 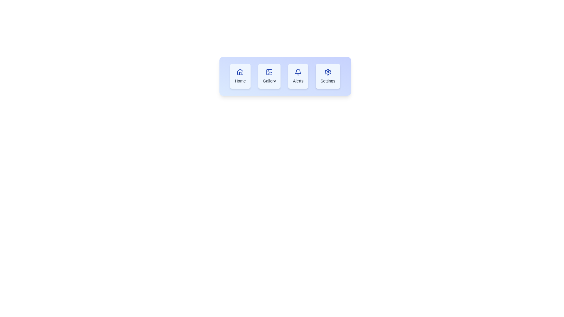 I want to click on the 'Alerts' text label, which is styled in medium-sized gray font and located below a bell-shaped icon in the UI, so click(x=298, y=81).